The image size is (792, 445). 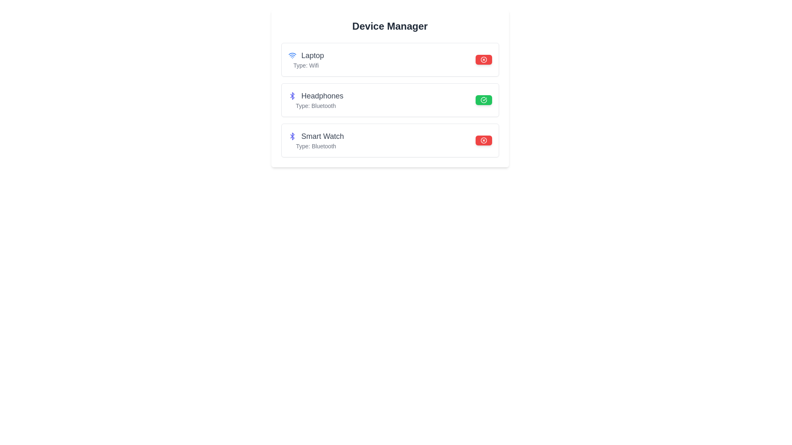 I want to click on the circular Iconic button with a red fill and a white cross symbol, so click(x=483, y=59).